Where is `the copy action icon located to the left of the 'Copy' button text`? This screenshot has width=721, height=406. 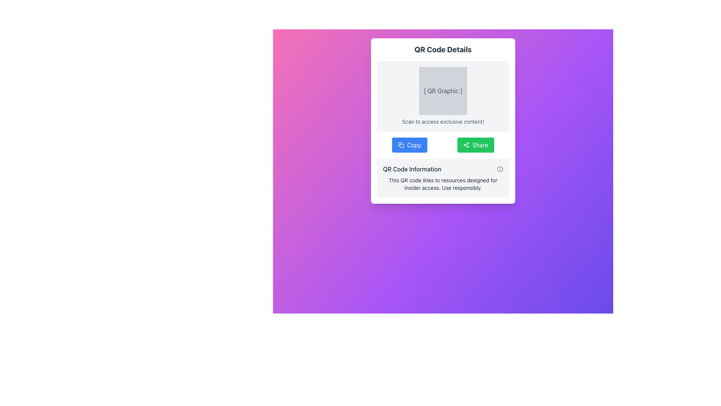
the copy action icon located to the left of the 'Copy' button text is located at coordinates (401, 145).